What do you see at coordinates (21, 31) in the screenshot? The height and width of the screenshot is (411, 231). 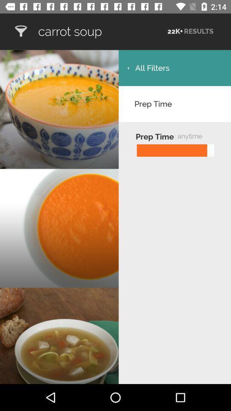 I see `open recipe` at bounding box center [21, 31].